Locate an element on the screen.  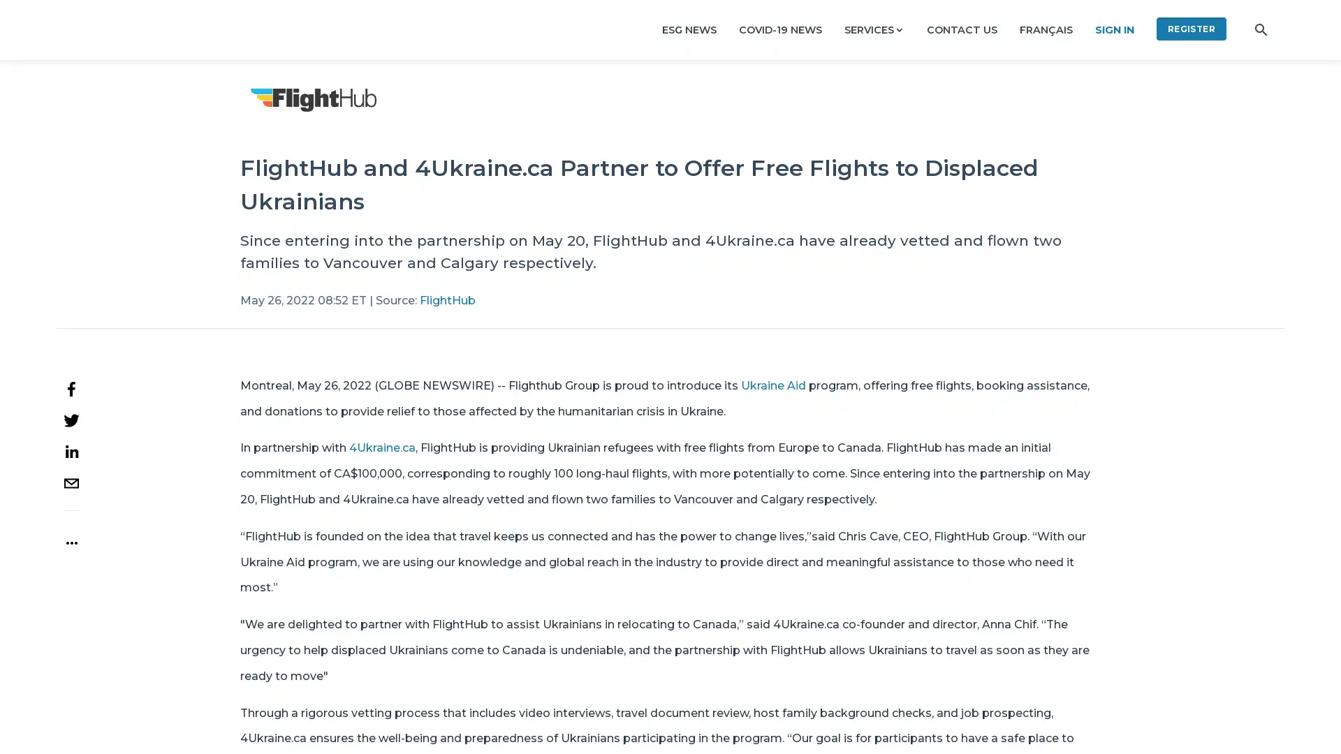
twitter is located at coordinates (71, 419).